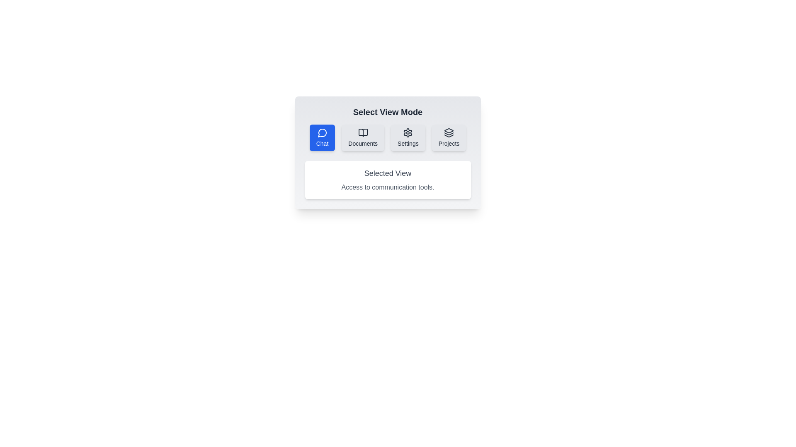  I want to click on the view mode by clicking on the button corresponding to Chat, so click(322, 137).